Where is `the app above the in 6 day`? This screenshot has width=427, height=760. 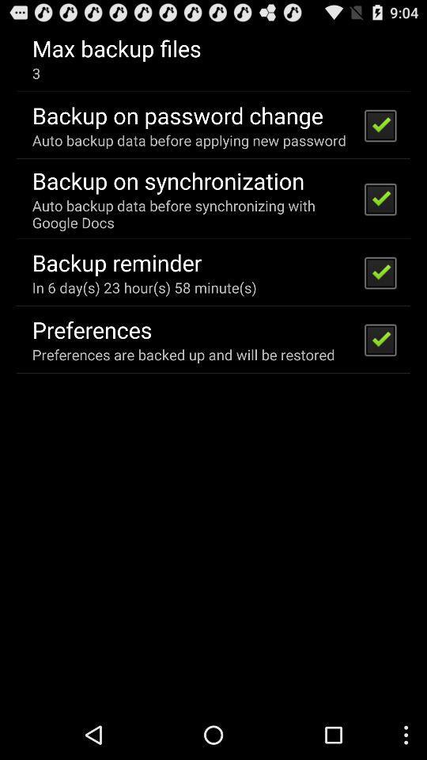 the app above the in 6 day is located at coordinates (116, 262).